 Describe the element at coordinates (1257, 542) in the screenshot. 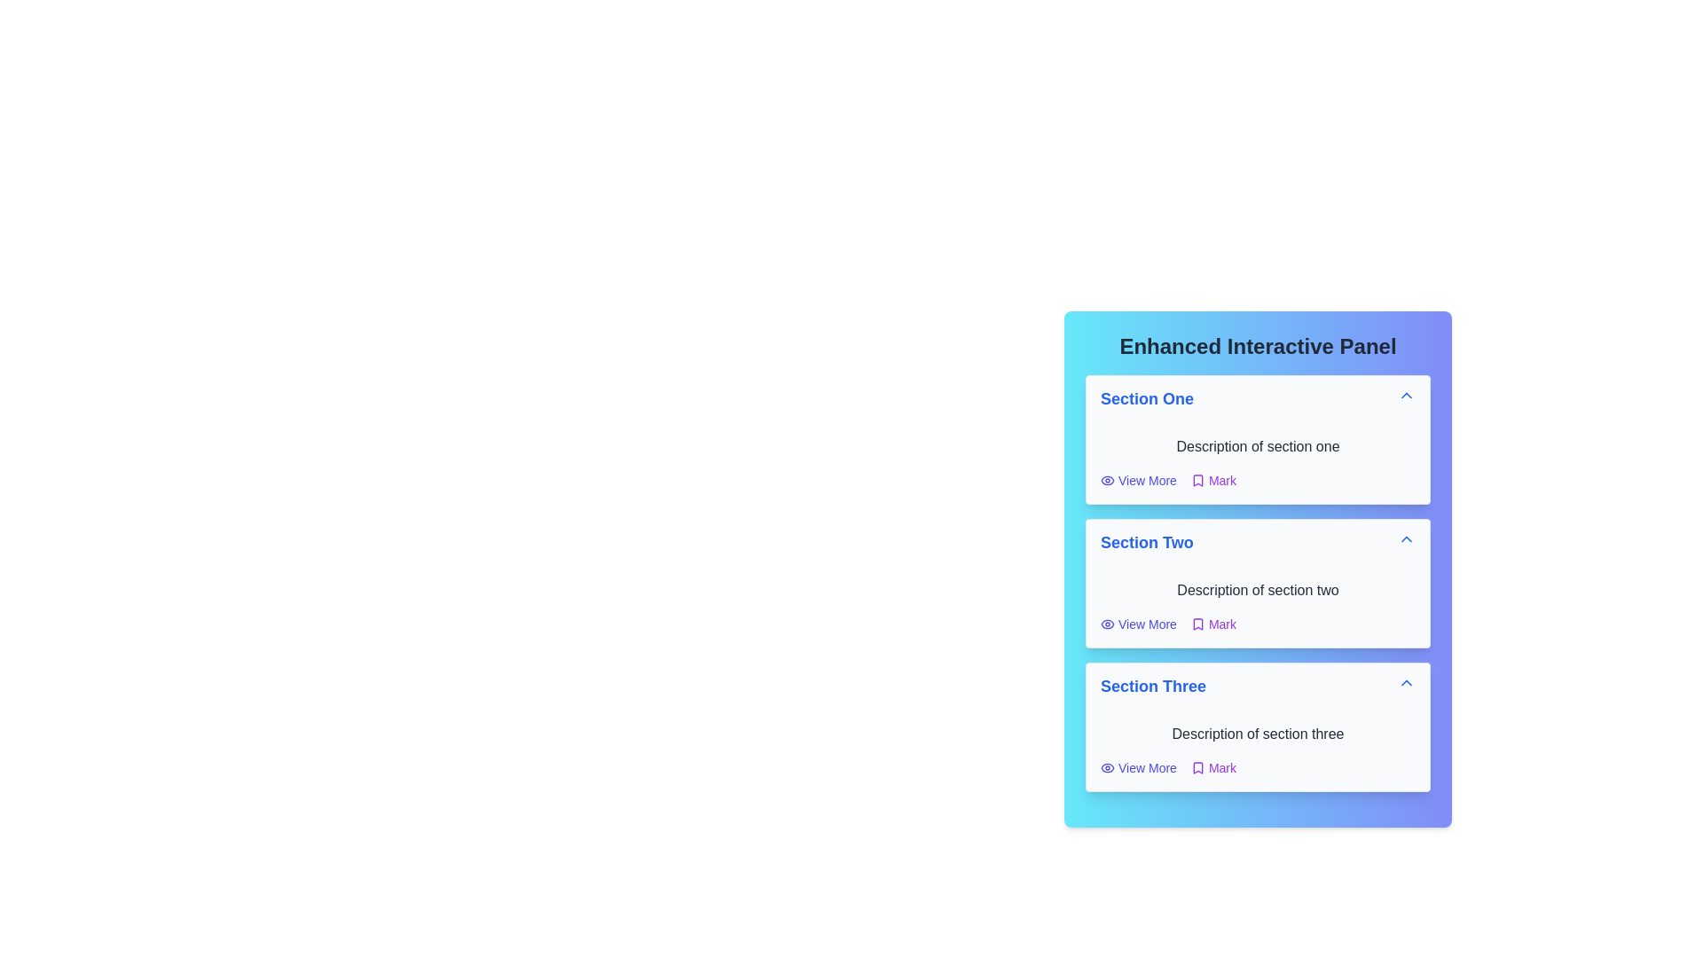

I see `the 'Section Two' title button` at that location.